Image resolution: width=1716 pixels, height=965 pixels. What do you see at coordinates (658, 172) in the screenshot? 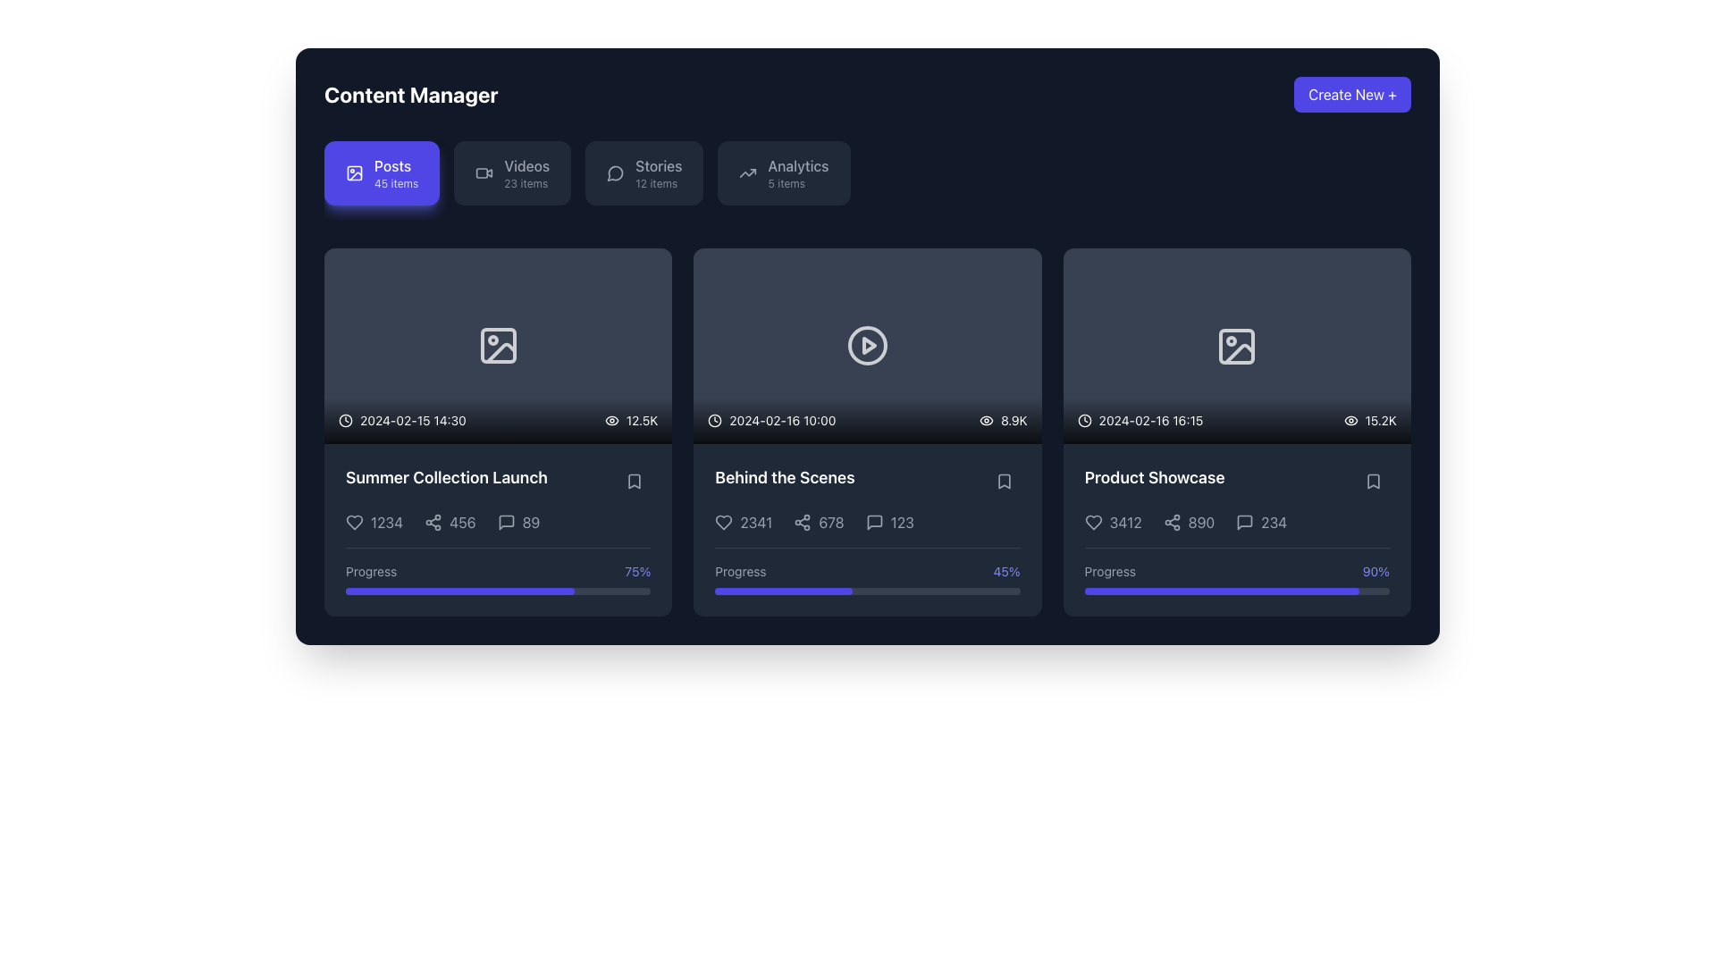
I see `the text-based clickable link or button in the top navigation bar` at bounding box center [658, 172].